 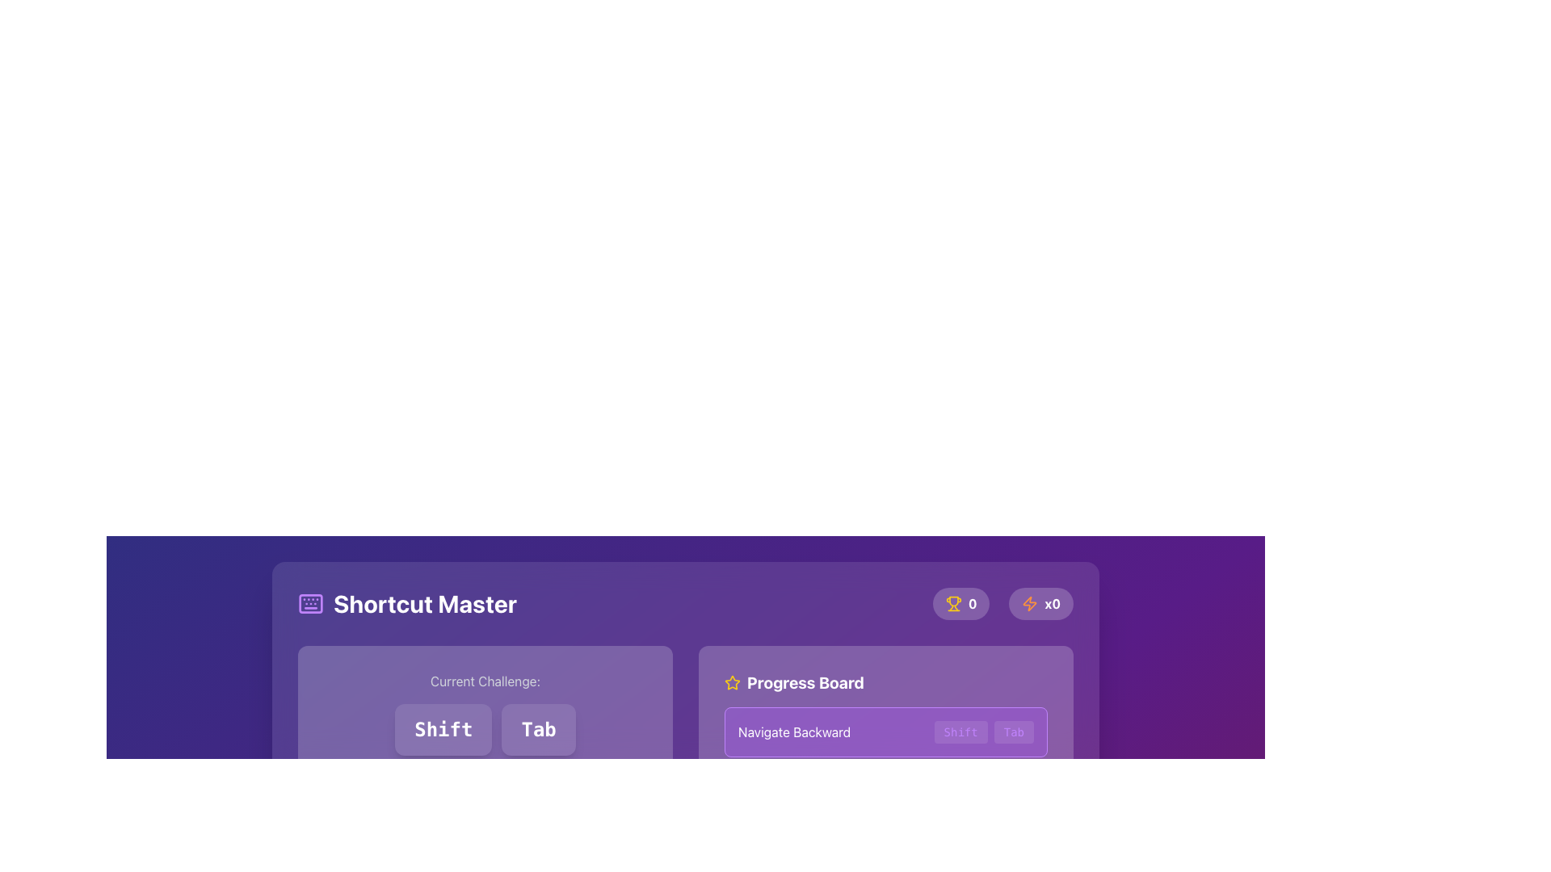 I want to click on the state or the related number next to the energy icon located at the top right of the interface, adjacent to the circular counter labeled 'x0', so click(x=1029, y=604).